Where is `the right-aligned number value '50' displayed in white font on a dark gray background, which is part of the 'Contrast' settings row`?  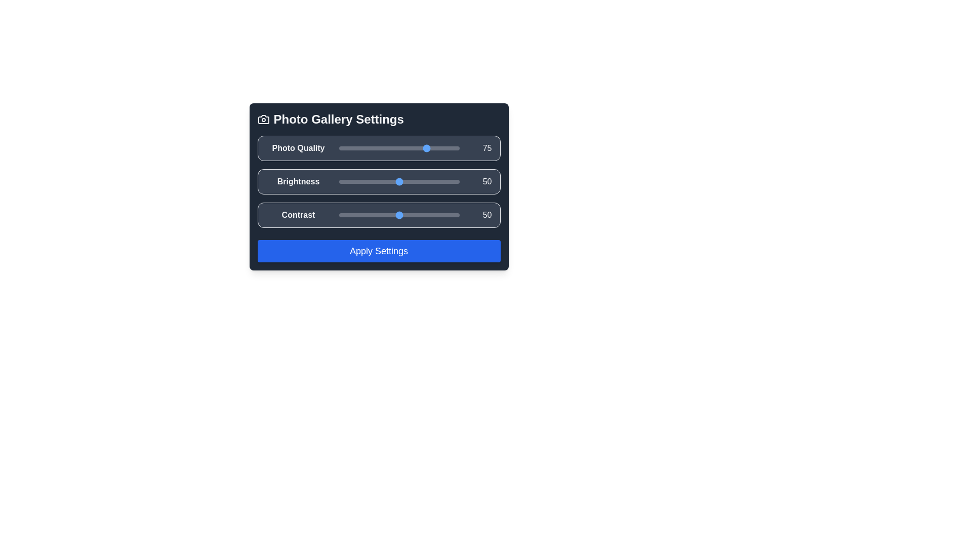 the right-aligned number value '50' displayed in white font on a dark gray background, which is part of the 'Contrast' settings row is located at coordinates (479, 214).